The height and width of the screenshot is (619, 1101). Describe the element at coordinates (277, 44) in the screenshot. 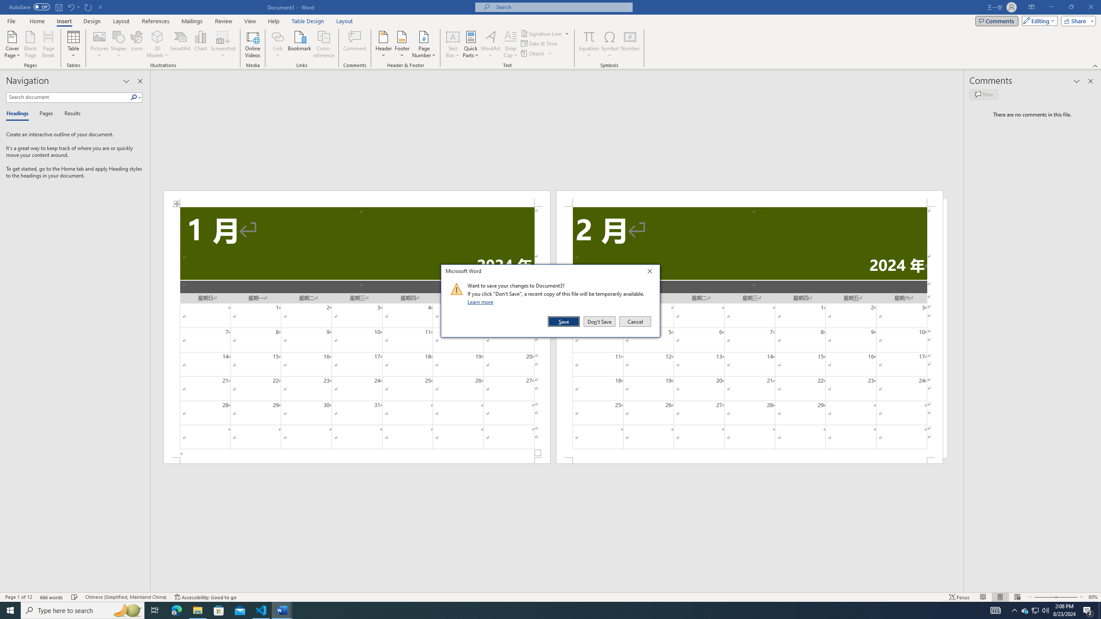

I see `'Link'` at that location.